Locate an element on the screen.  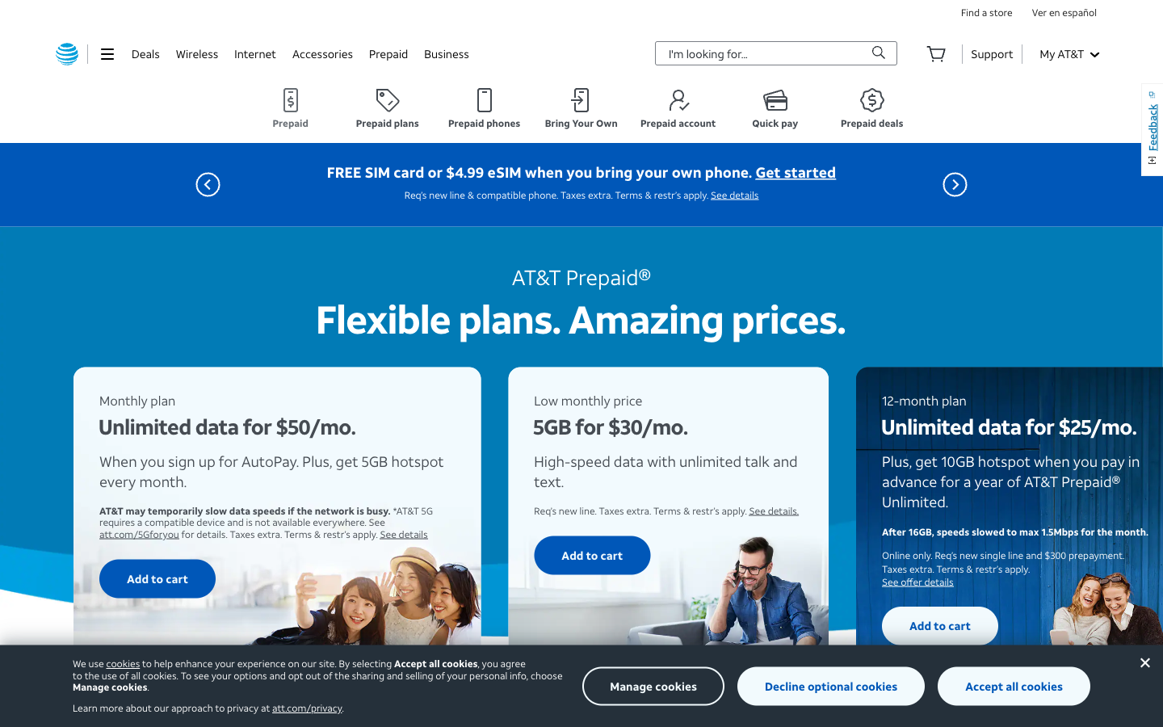
View the "Prepaid Plans is located at coordinates (387, 108).